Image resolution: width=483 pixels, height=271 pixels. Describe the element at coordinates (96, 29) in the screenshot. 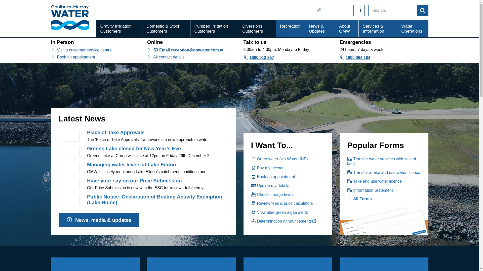

I see `'Gravity Irrigation Customers'` at that location.